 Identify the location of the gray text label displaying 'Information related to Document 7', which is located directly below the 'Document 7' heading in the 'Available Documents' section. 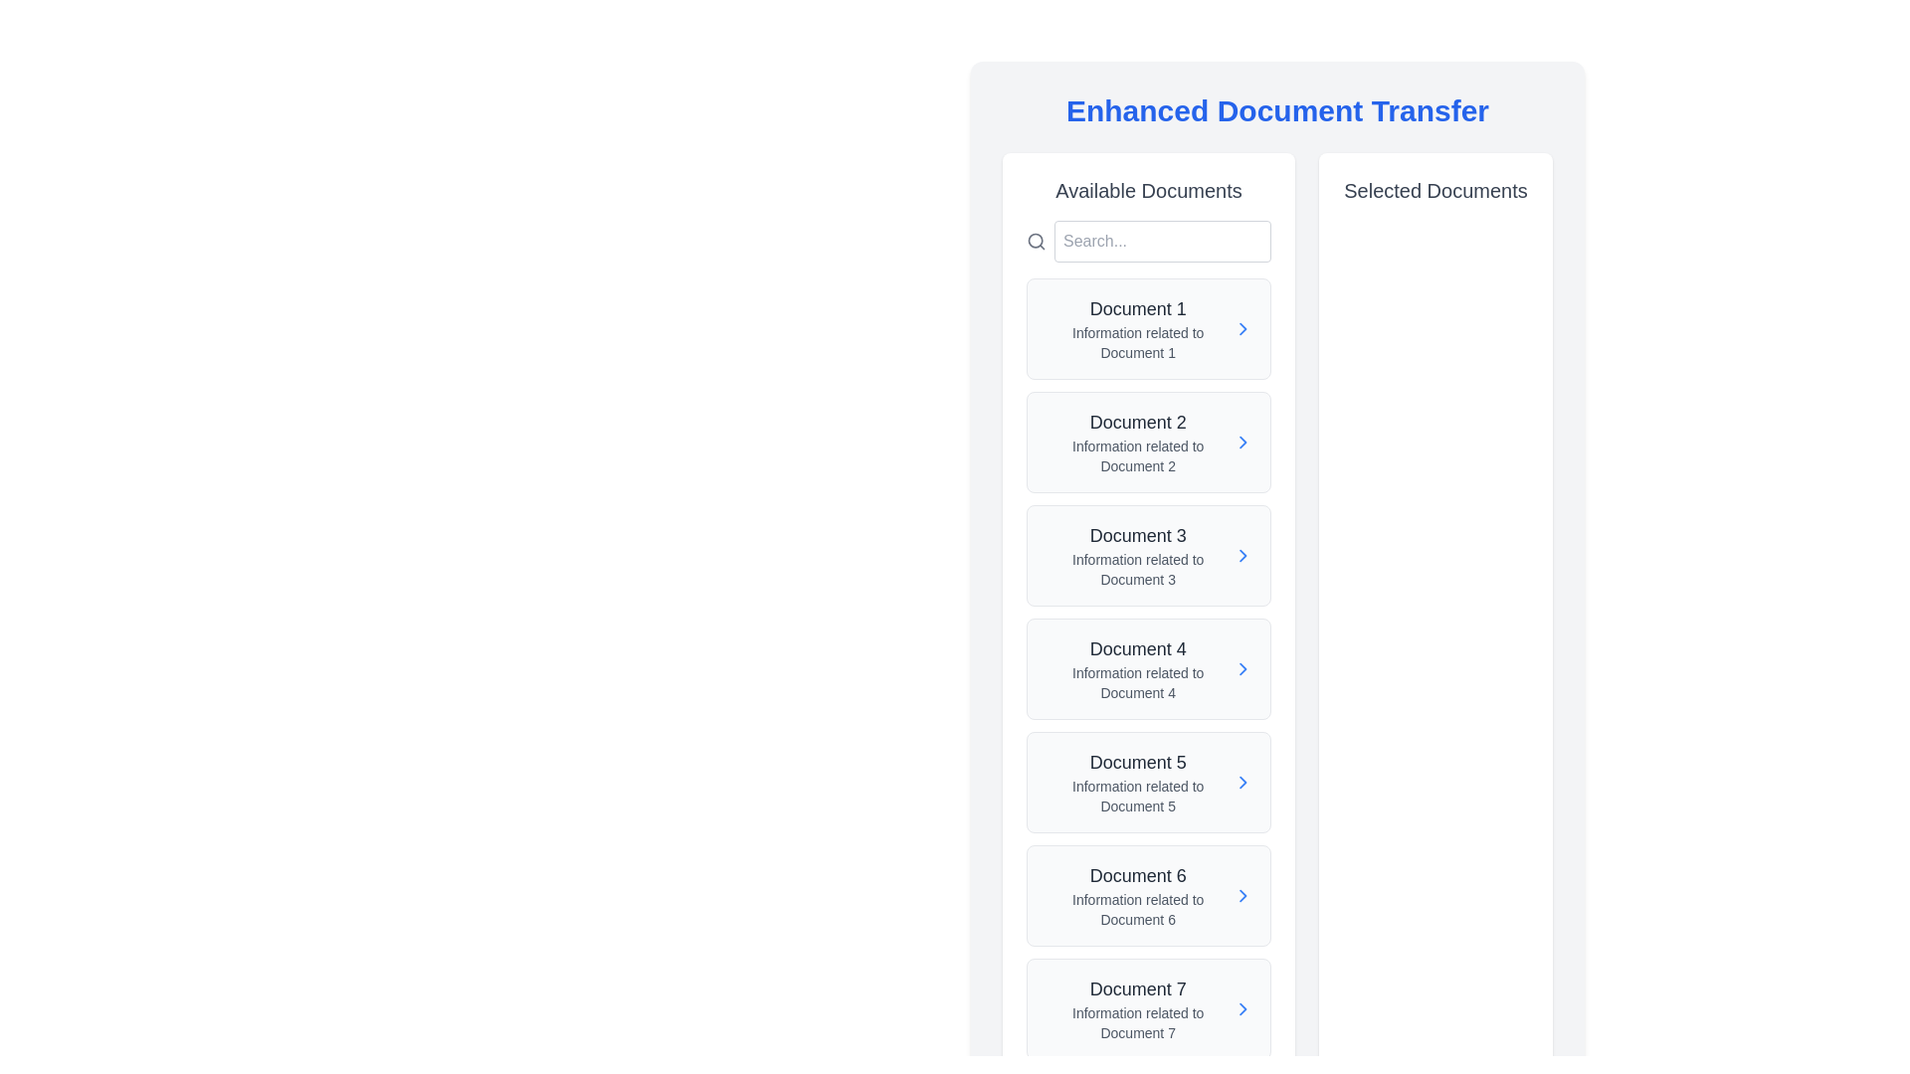
(1138, 1023).